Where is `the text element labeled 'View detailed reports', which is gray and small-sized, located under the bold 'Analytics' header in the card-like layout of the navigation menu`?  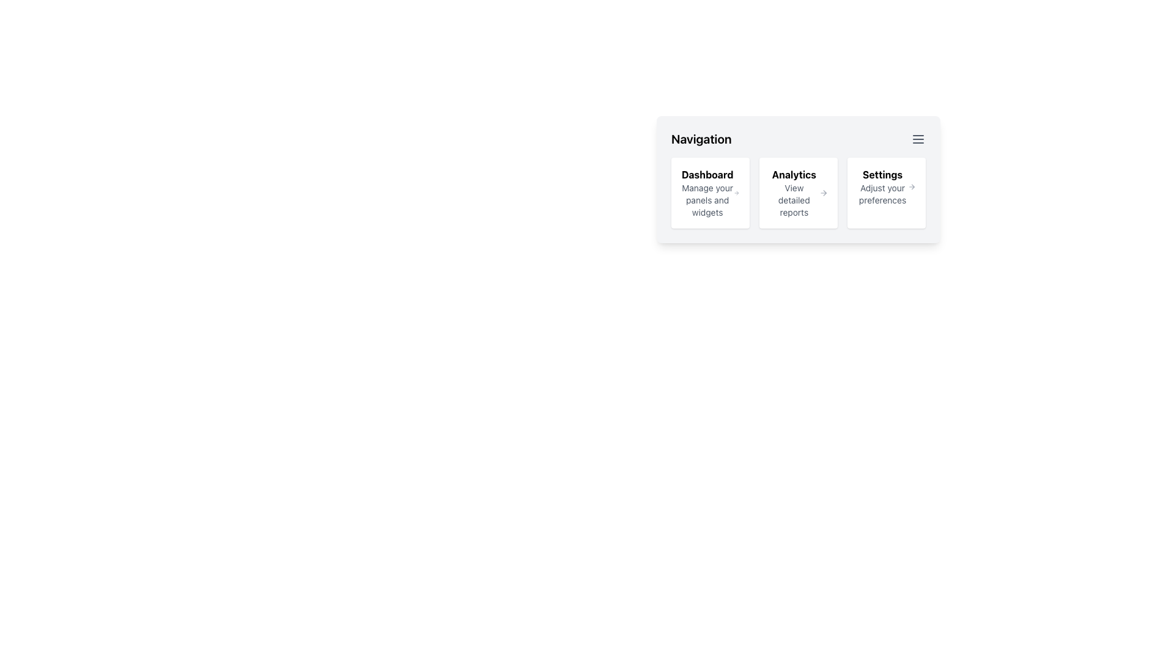
the text element labeled 'View detailed reports', which is gray and small-sized, located under the bold 'Analytics' header in the card-like layout of the navigation menu is located at coordinates (794, 199).